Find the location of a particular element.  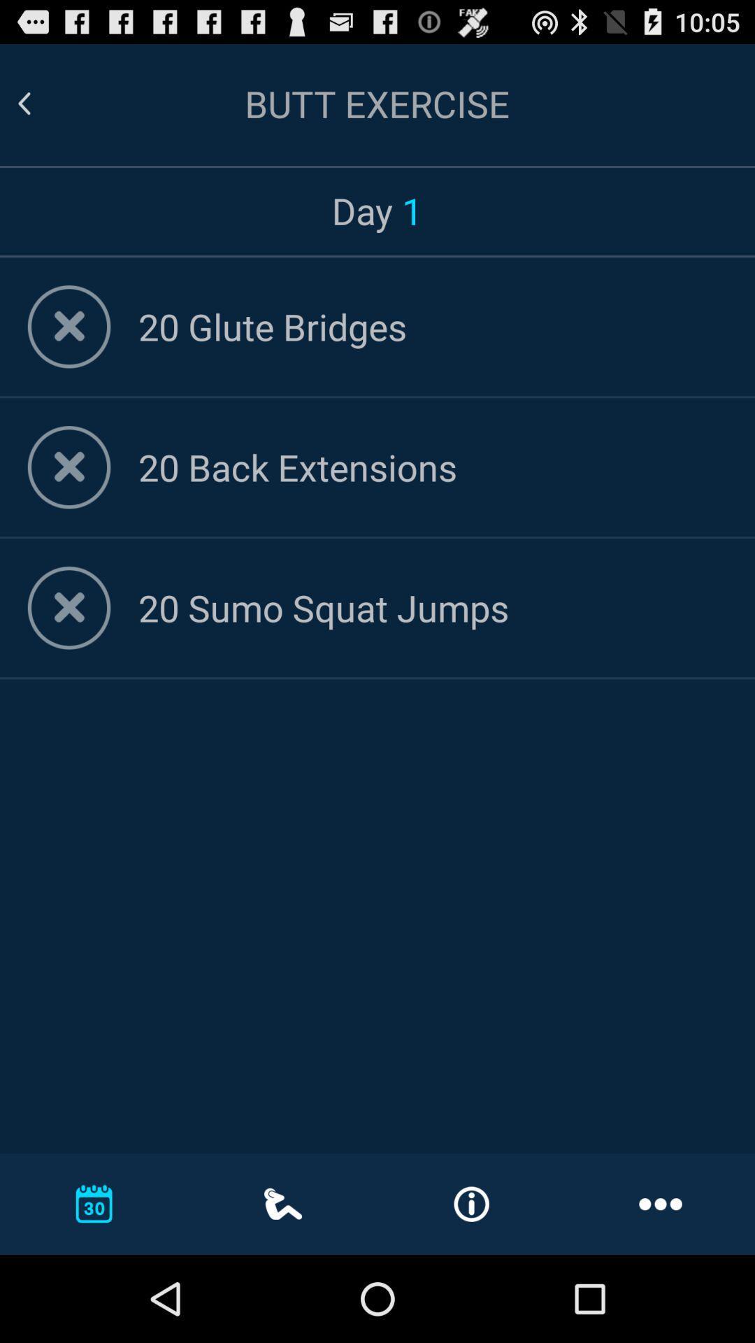

20 glute bridges item is located at coordinates (432, 325).